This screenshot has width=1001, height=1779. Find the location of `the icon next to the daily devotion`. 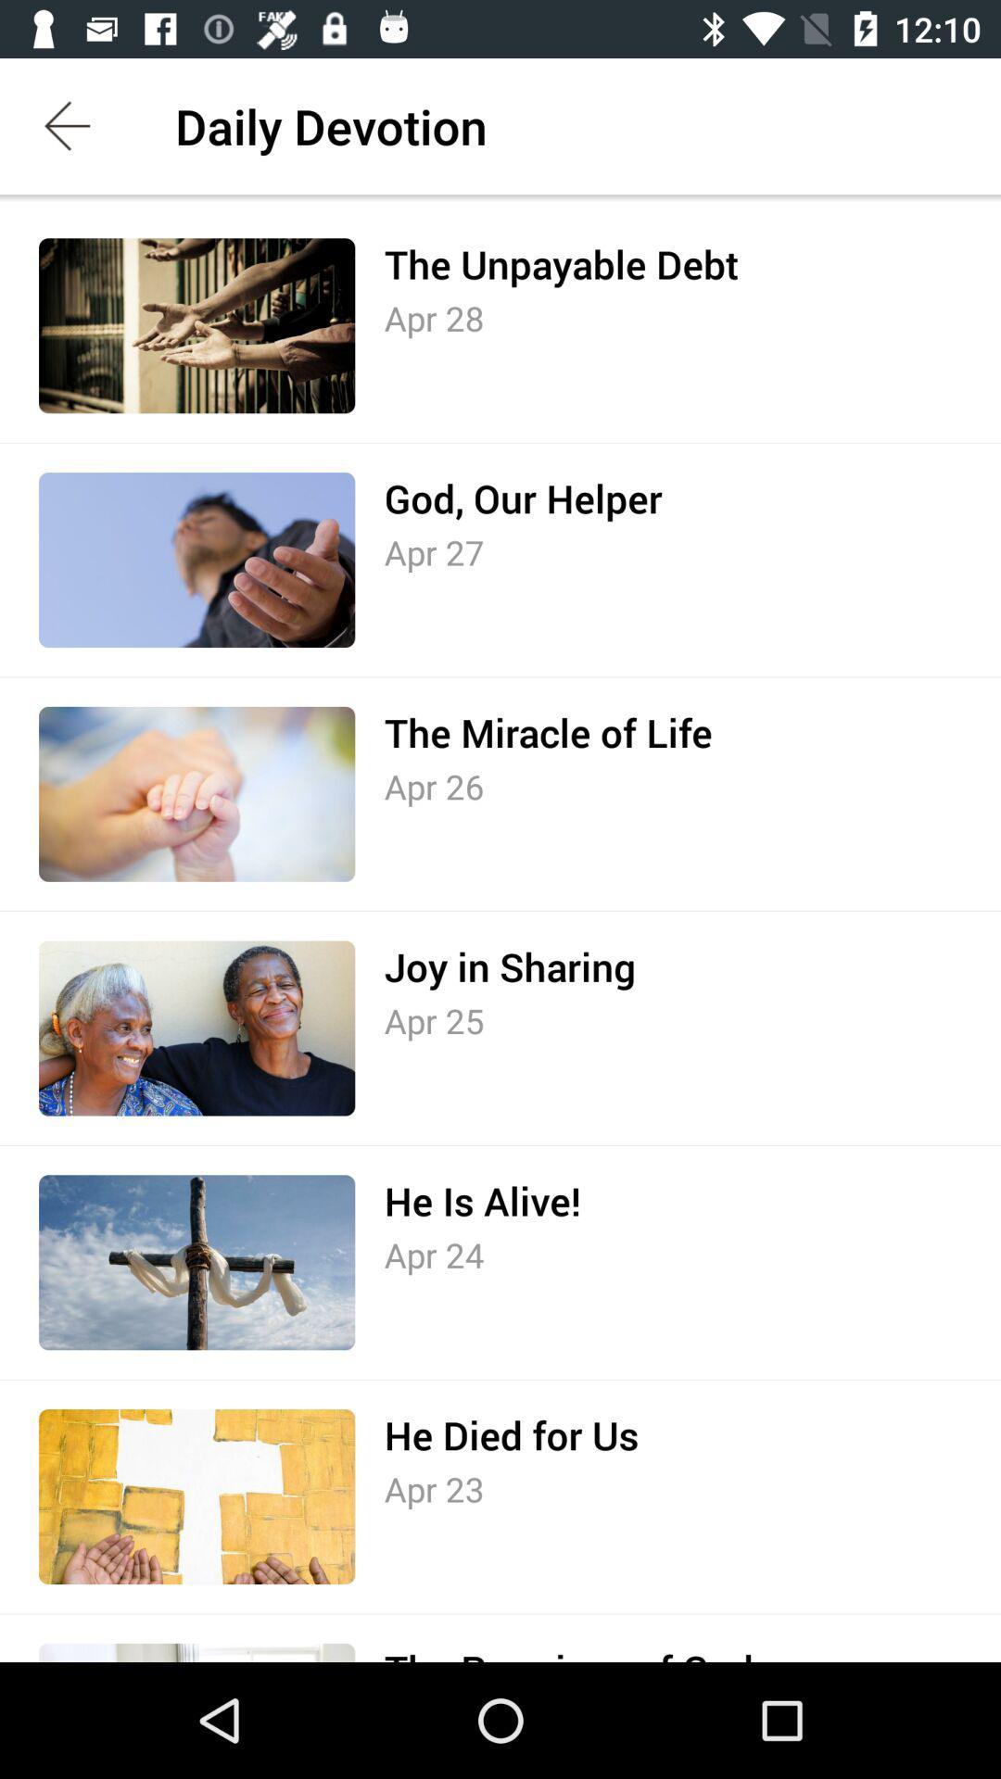

the icon next to the daily devotion is located at coordinates (67, 125).